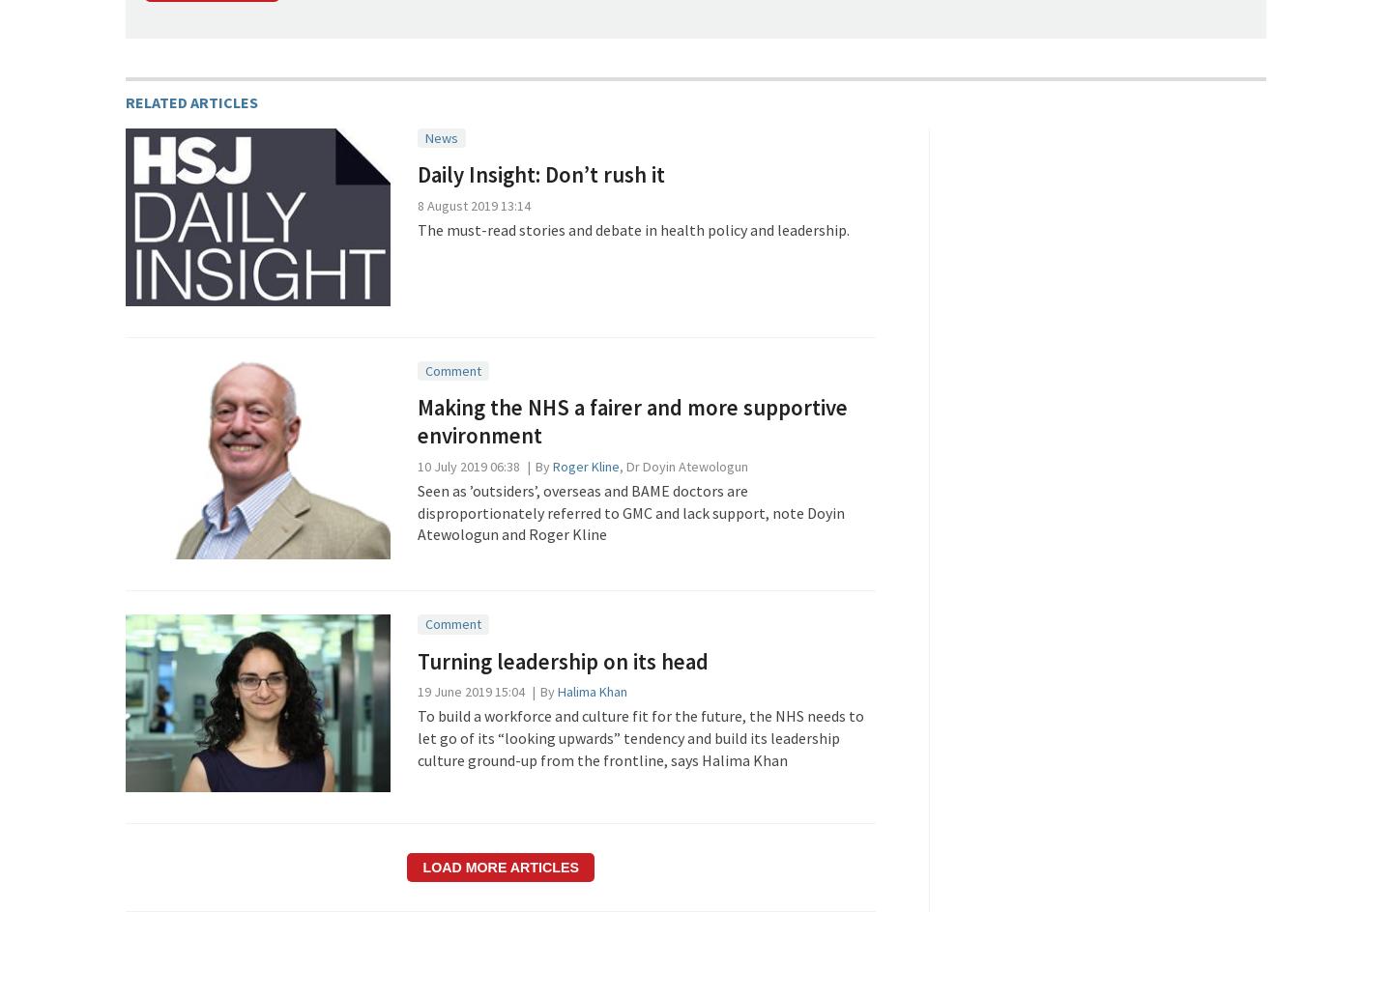  What do you see at coordinates (630, 420) in the screenshot?
I see `'Making the NHS a fairer and more supportive environment'` at bounding box center [630, 420].